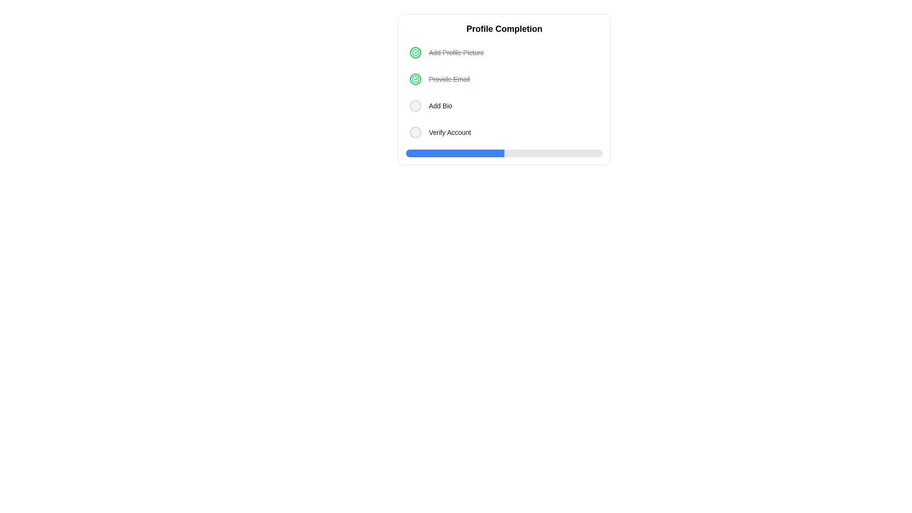  Describe the element at coordinates (440, 106) in the screenshot. I see `the 'Add Bio' text block, which is the third item in the checklist under the 'Profile Completion' section, located to the right of an empty circle icon` at that location.